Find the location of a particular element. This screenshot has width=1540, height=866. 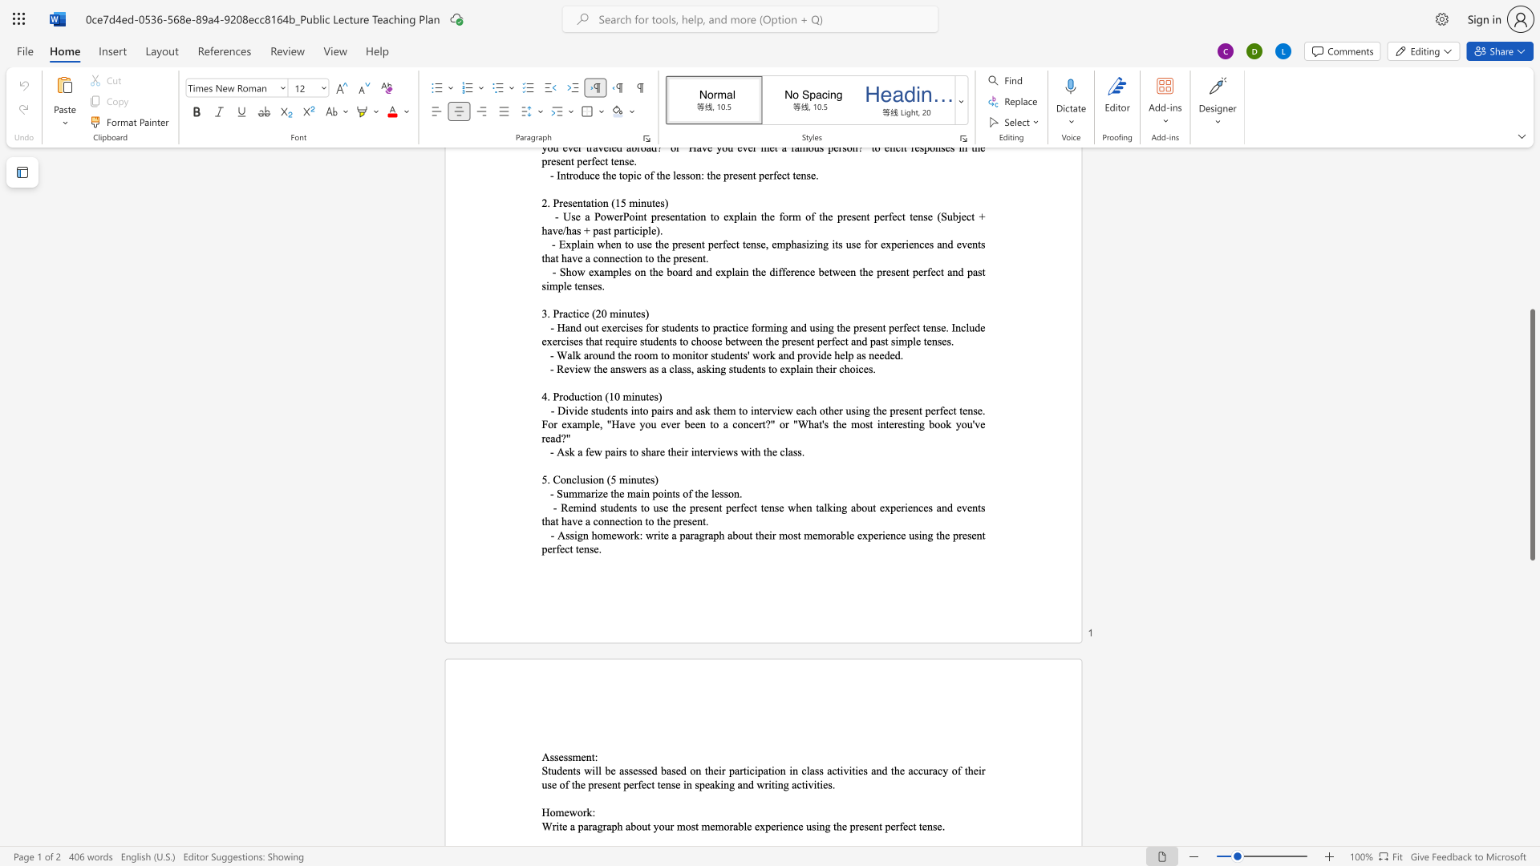

the scrollbar to slide the page up is located at coordinates (1531, 184).